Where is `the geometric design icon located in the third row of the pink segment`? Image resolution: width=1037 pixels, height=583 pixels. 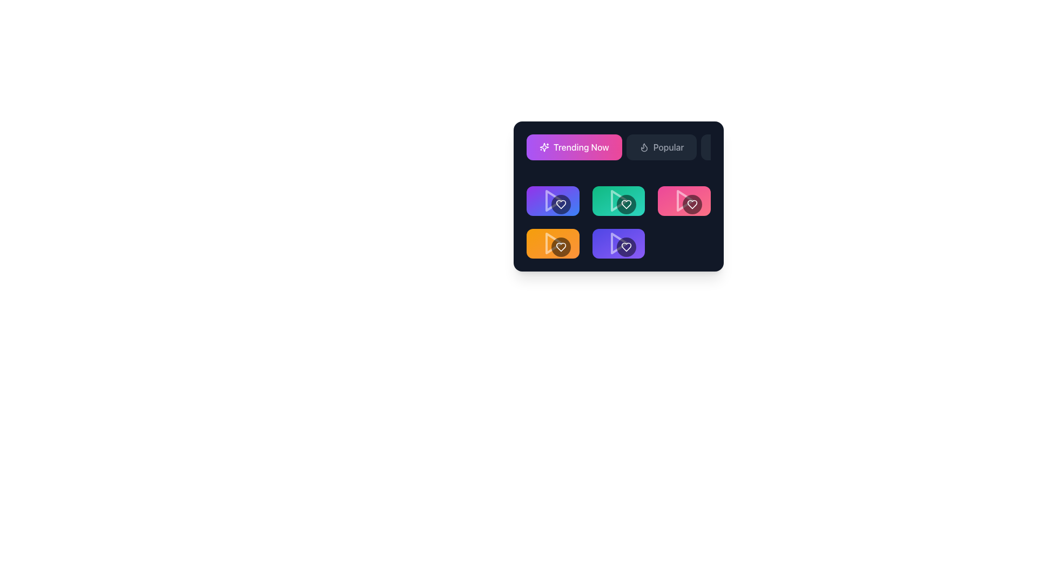 the geometric design icon located in the third row of the pink segment is located at coordinates (678, 195).